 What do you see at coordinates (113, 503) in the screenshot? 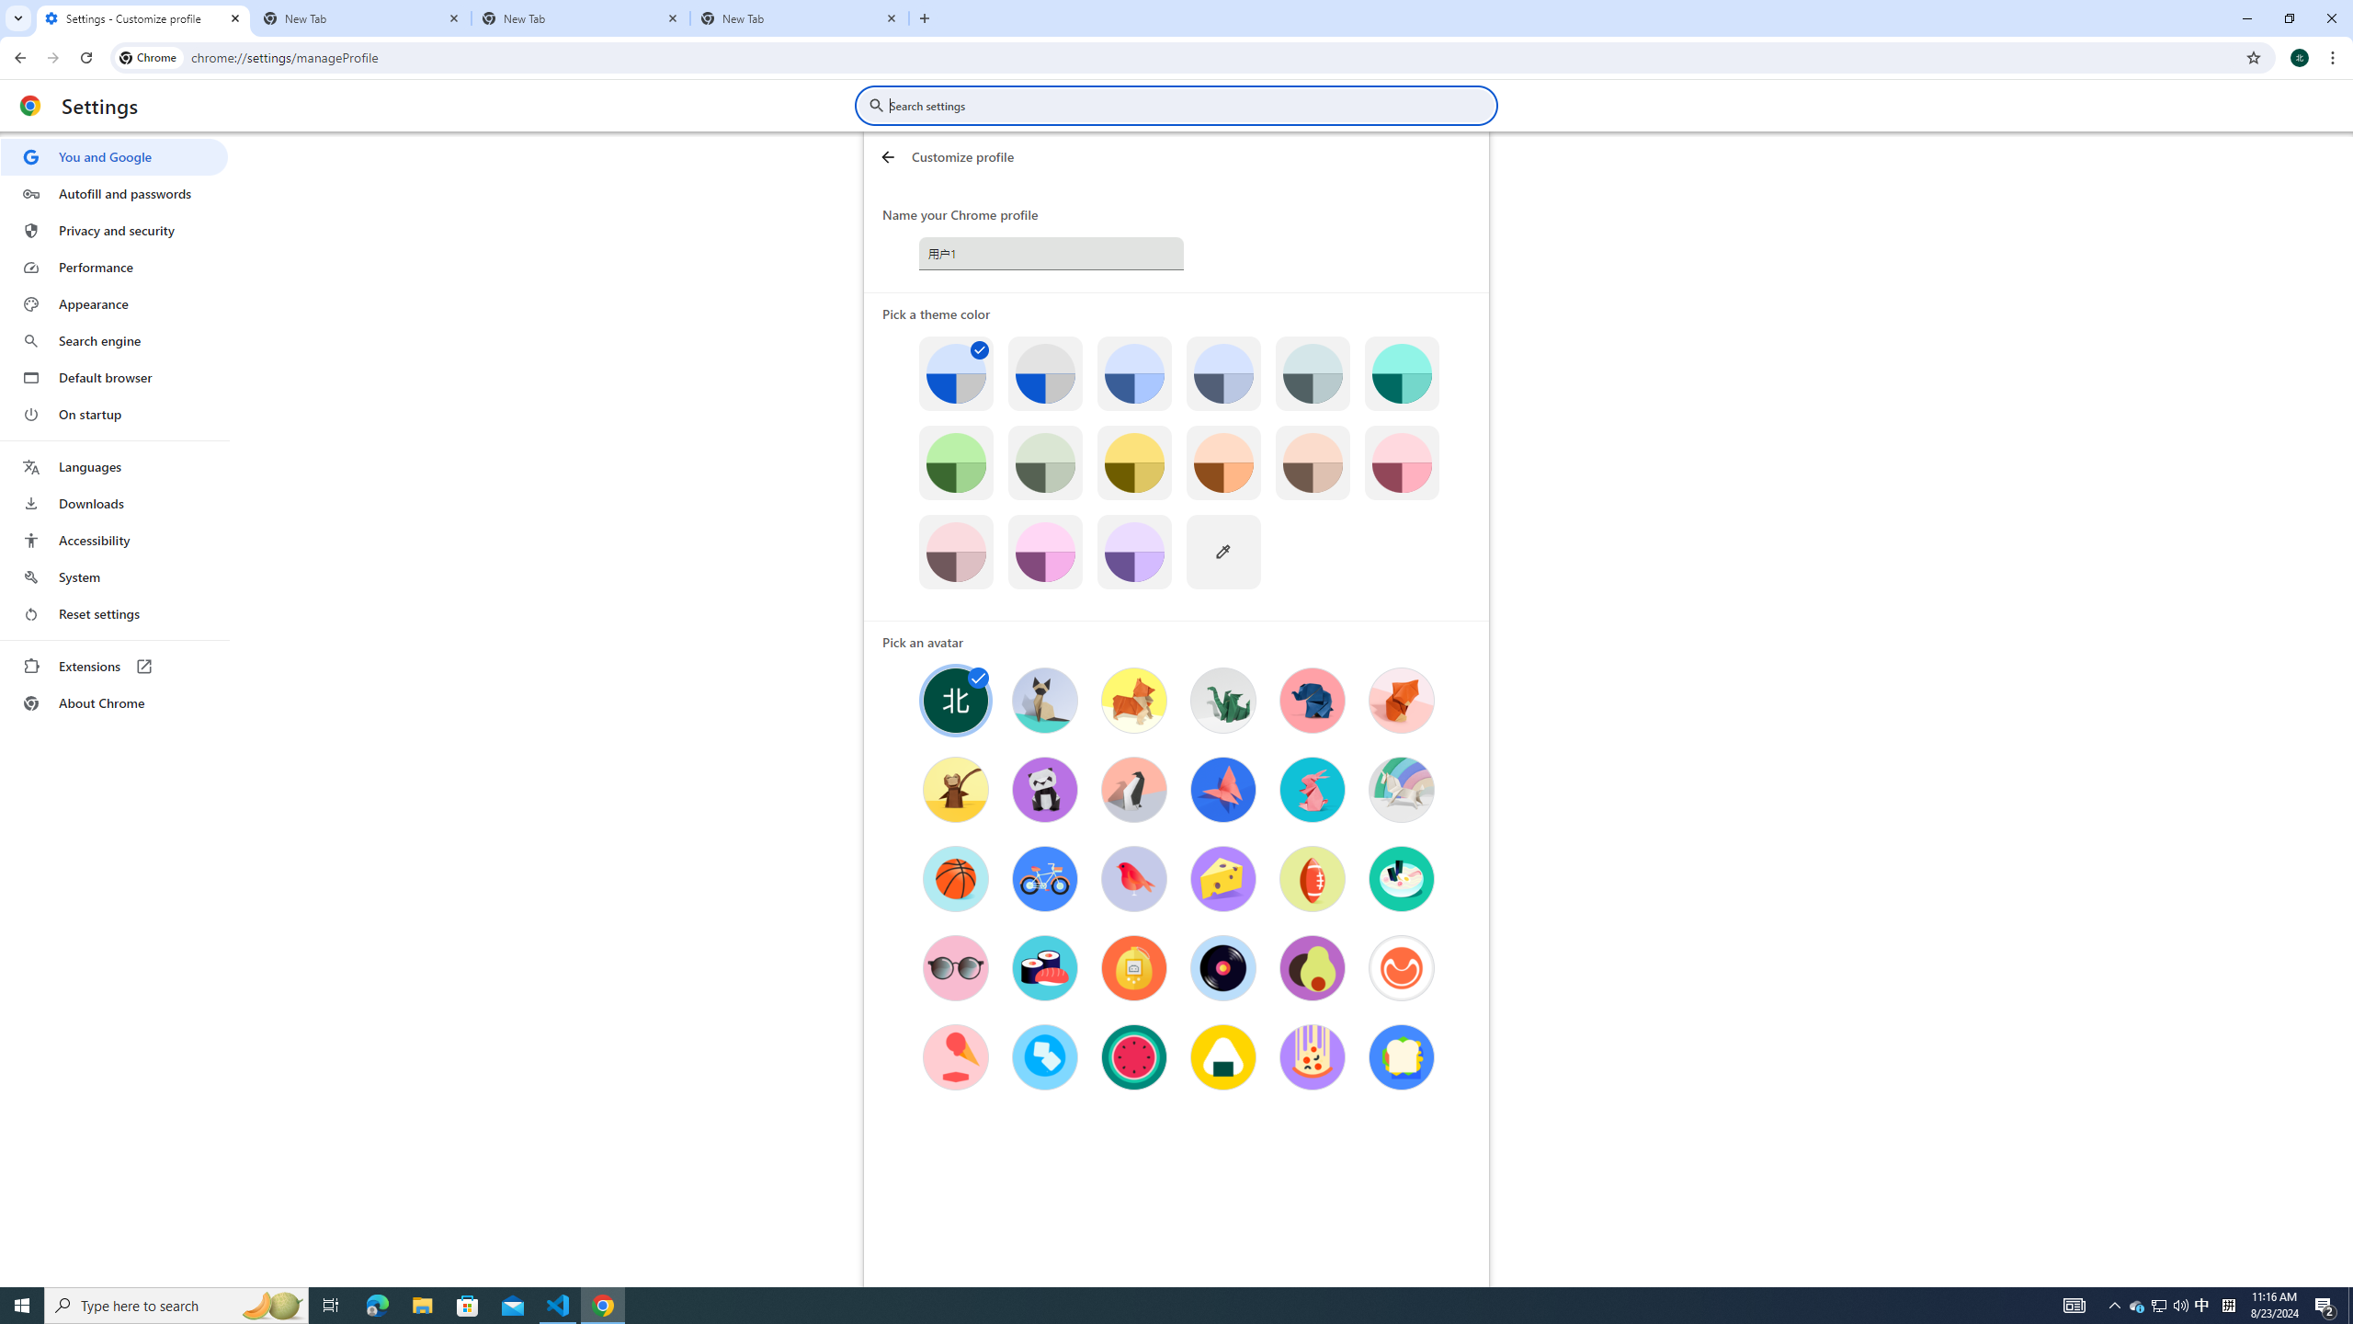
I see `'Downloads'` at bounding box center [113, 503].